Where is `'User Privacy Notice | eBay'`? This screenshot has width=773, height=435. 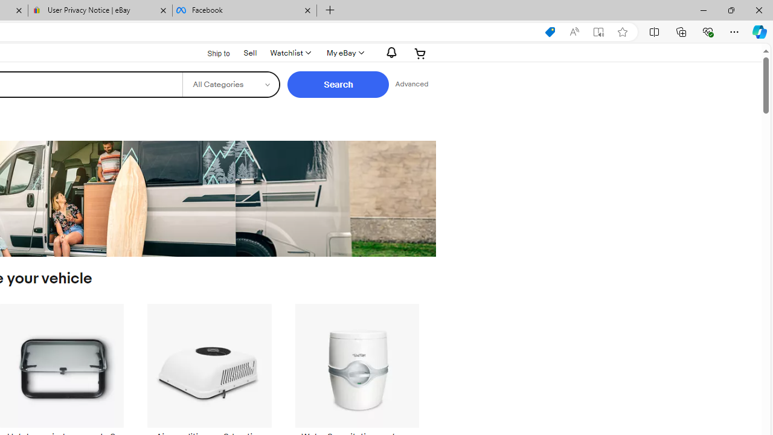 'User Privacy Notice | eBay' is located at coordinates (100, 10).